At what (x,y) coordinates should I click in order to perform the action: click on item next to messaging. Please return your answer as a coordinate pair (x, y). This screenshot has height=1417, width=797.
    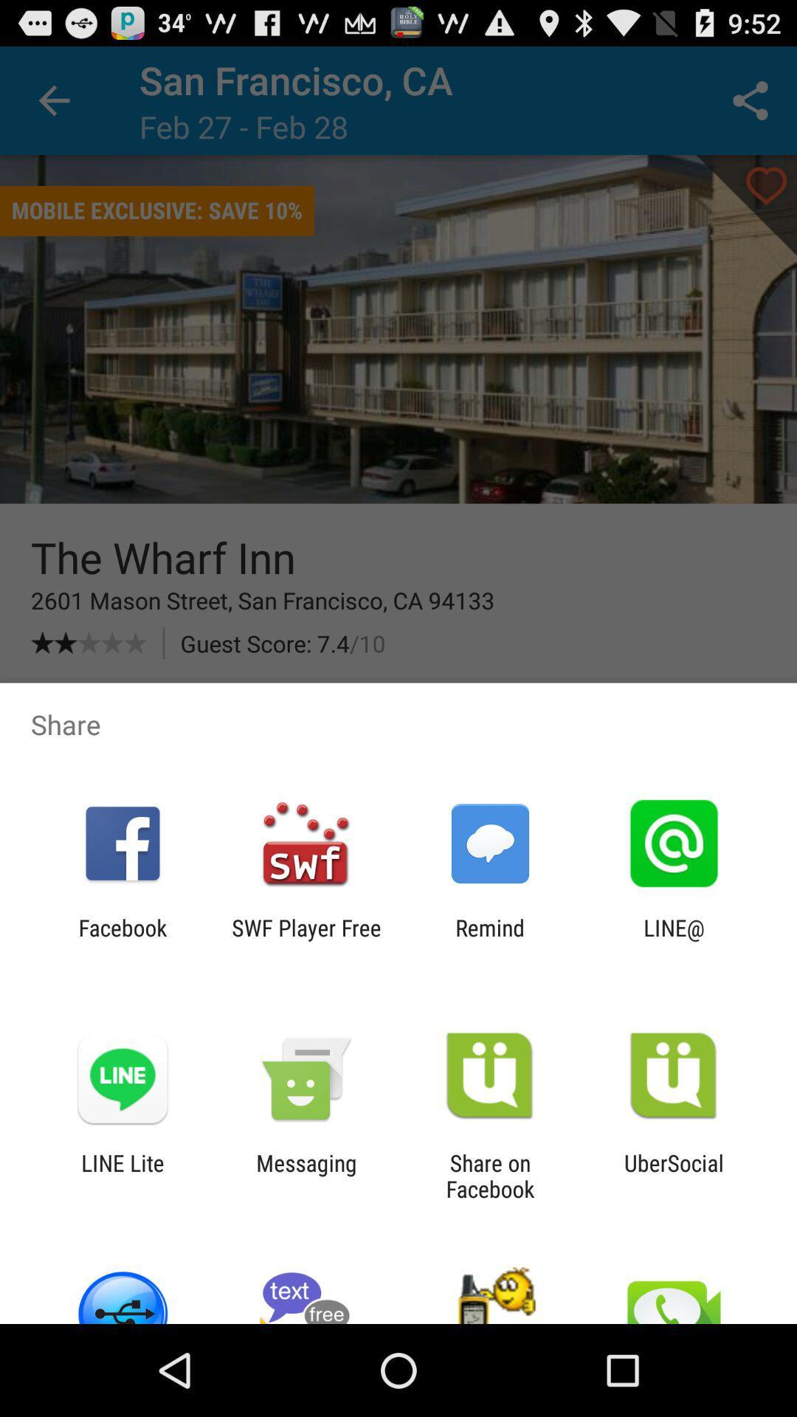
    Looking at the image, I should click on (490, 1175).